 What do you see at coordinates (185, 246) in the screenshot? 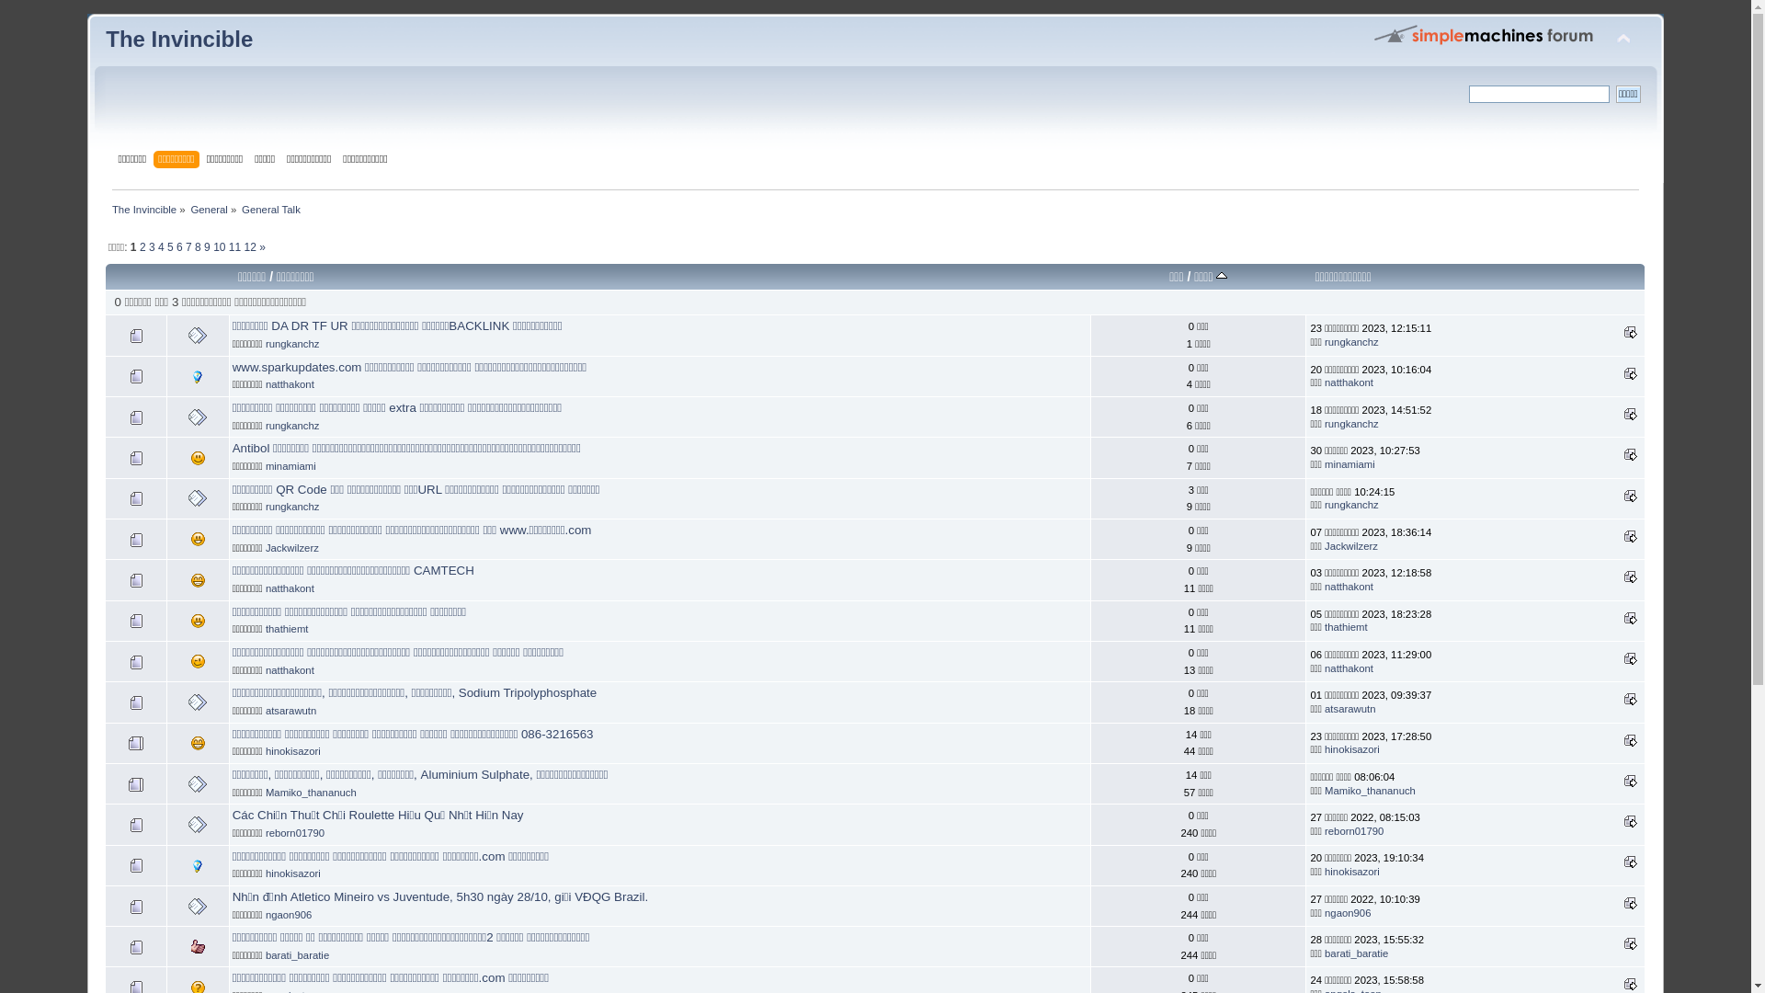
I see `'7'` at bounding box center [185, 246].